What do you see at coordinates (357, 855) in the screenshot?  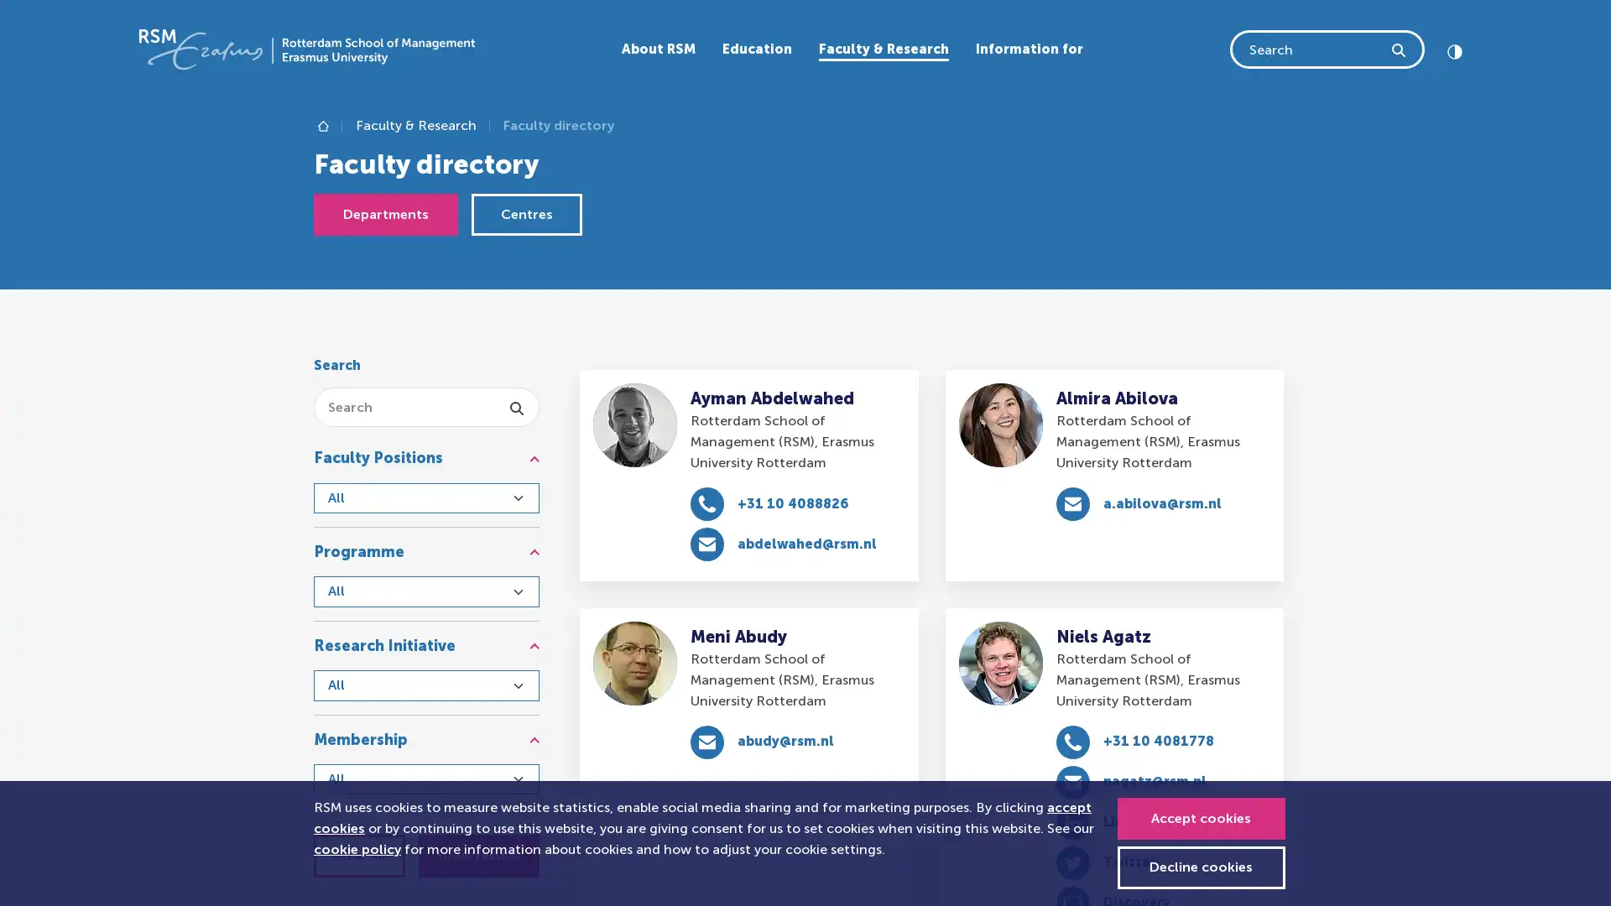 I see `Clear all` at bounding box center [357, 855].